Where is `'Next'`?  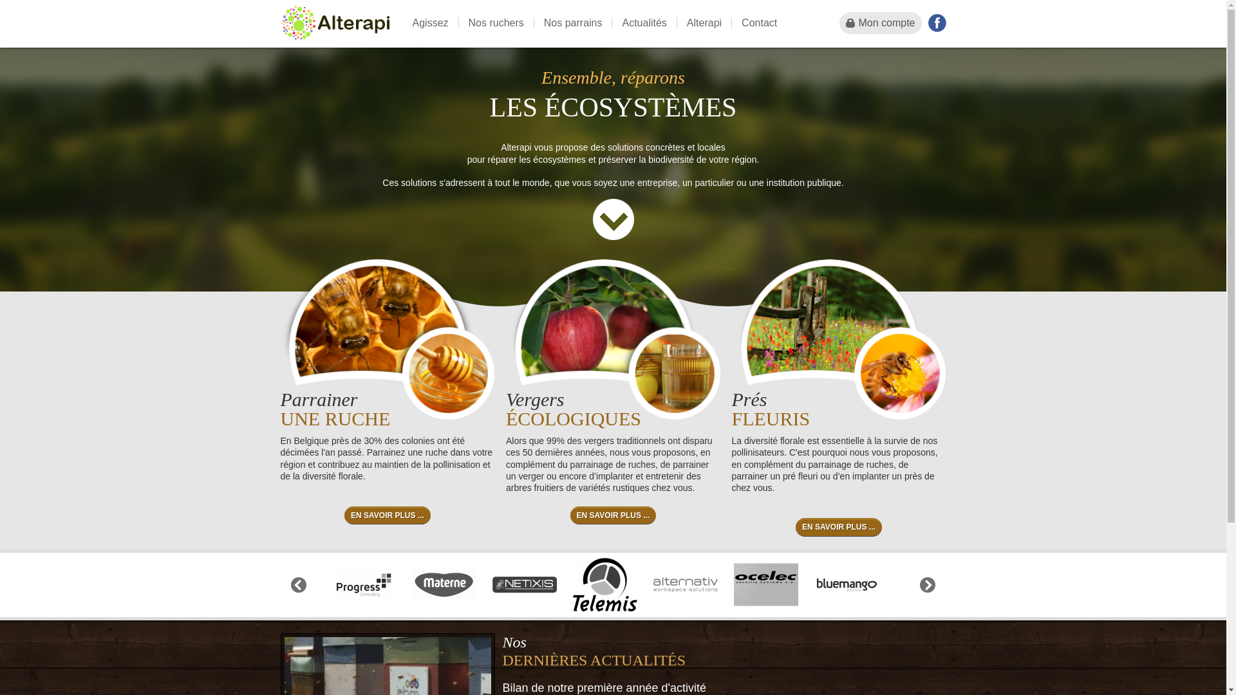
'Next' is located at coordinates (919, 585).